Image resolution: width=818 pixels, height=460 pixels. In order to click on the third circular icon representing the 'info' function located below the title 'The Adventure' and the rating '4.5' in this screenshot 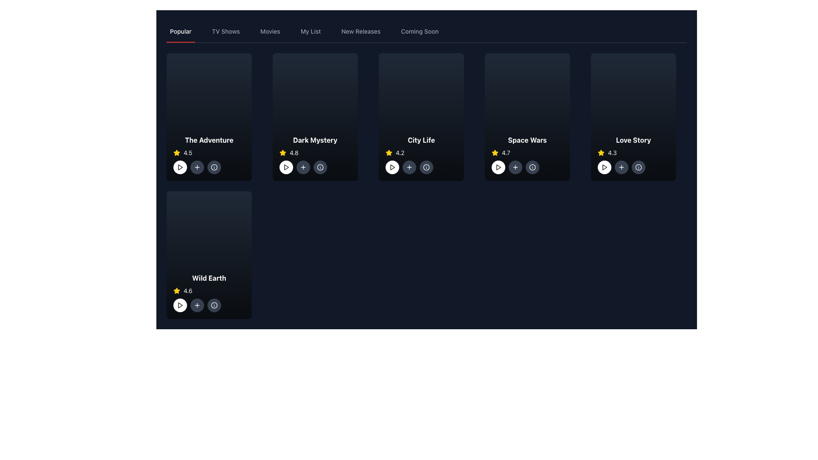, I will do `click(209, 167)`.